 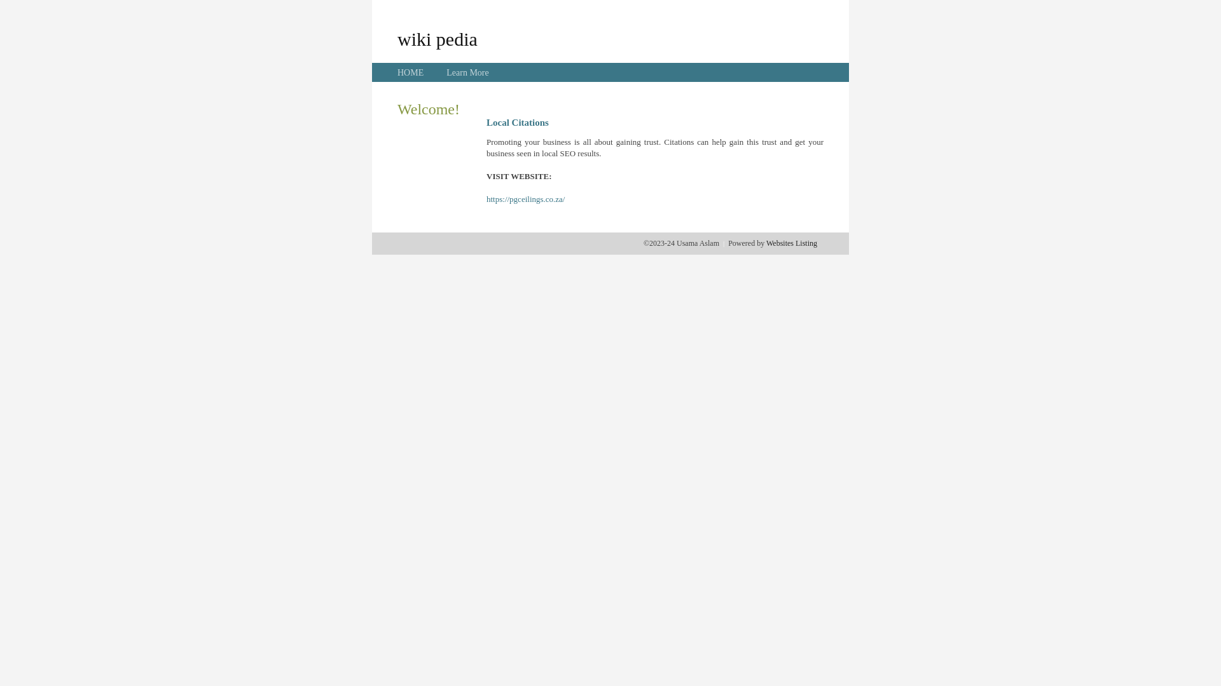 I want to click on 'wiki pedia', so click(x=396, y=38).